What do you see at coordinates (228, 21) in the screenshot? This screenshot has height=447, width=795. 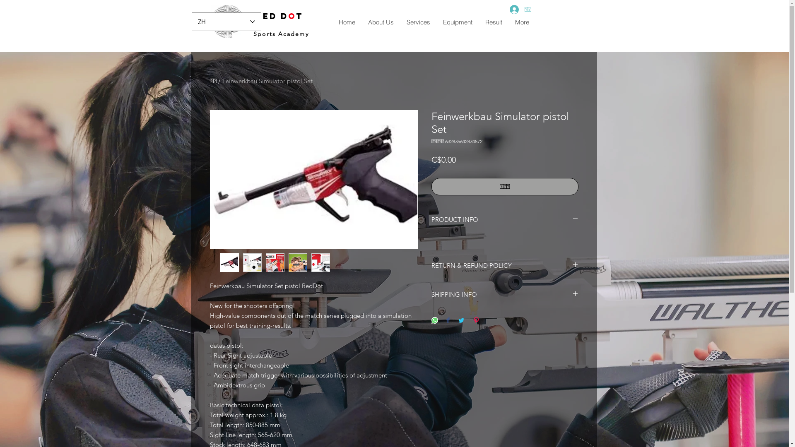 I see `'177 Club Logo new.jpg'` at bounding box center [228, 21].